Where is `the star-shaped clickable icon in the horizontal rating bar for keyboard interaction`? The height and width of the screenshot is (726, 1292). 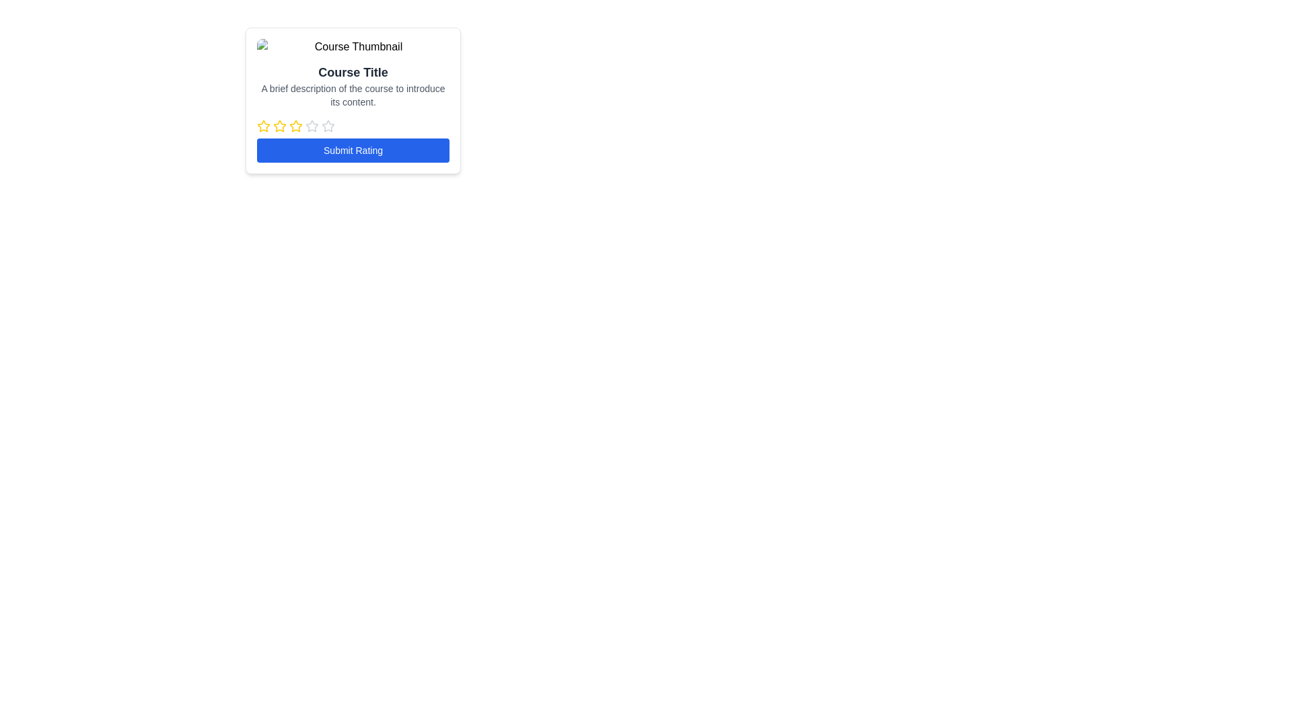 the star-shaped clickable icon in the horizontal rating bar for keyboard interaction is located at coordinates (312, 126).